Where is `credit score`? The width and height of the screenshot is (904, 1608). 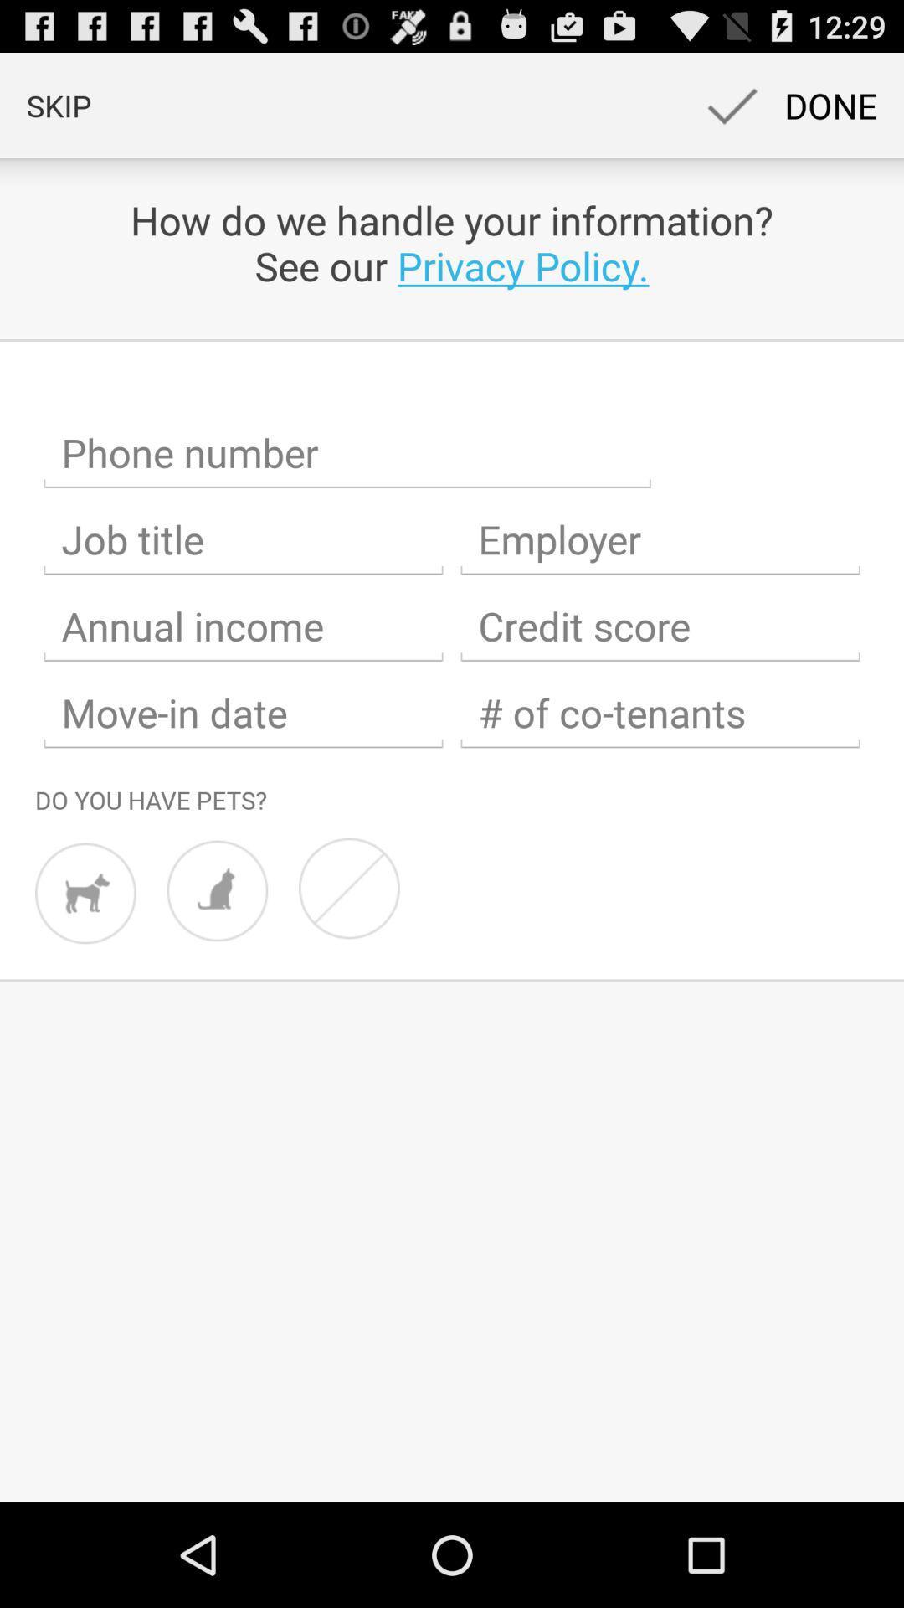 credit score is located at coordinates (660, 626).